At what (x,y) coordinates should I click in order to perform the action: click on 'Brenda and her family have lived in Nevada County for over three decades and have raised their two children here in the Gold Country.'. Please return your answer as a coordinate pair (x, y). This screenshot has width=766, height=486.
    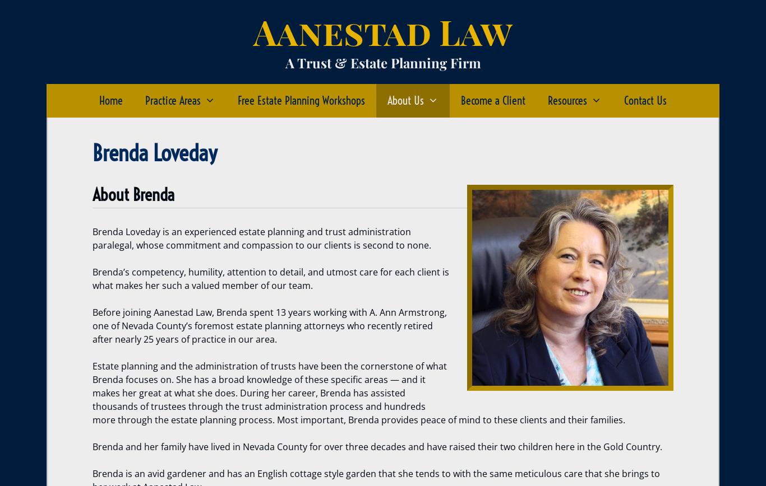
    Looking at the image, I should click on (377, 447).